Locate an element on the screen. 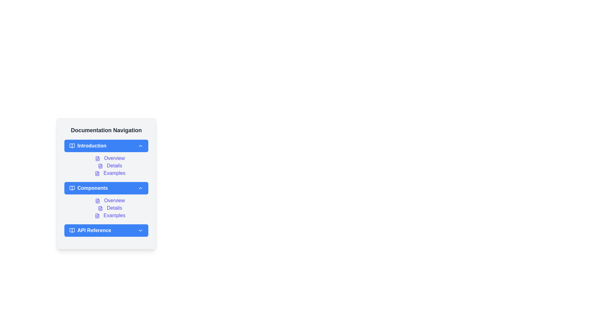 This screenshot has height=336, width=597. the small open book icon located to the left of the text 'API Reference' in the navigation menu is located at coordinates (72, 230).